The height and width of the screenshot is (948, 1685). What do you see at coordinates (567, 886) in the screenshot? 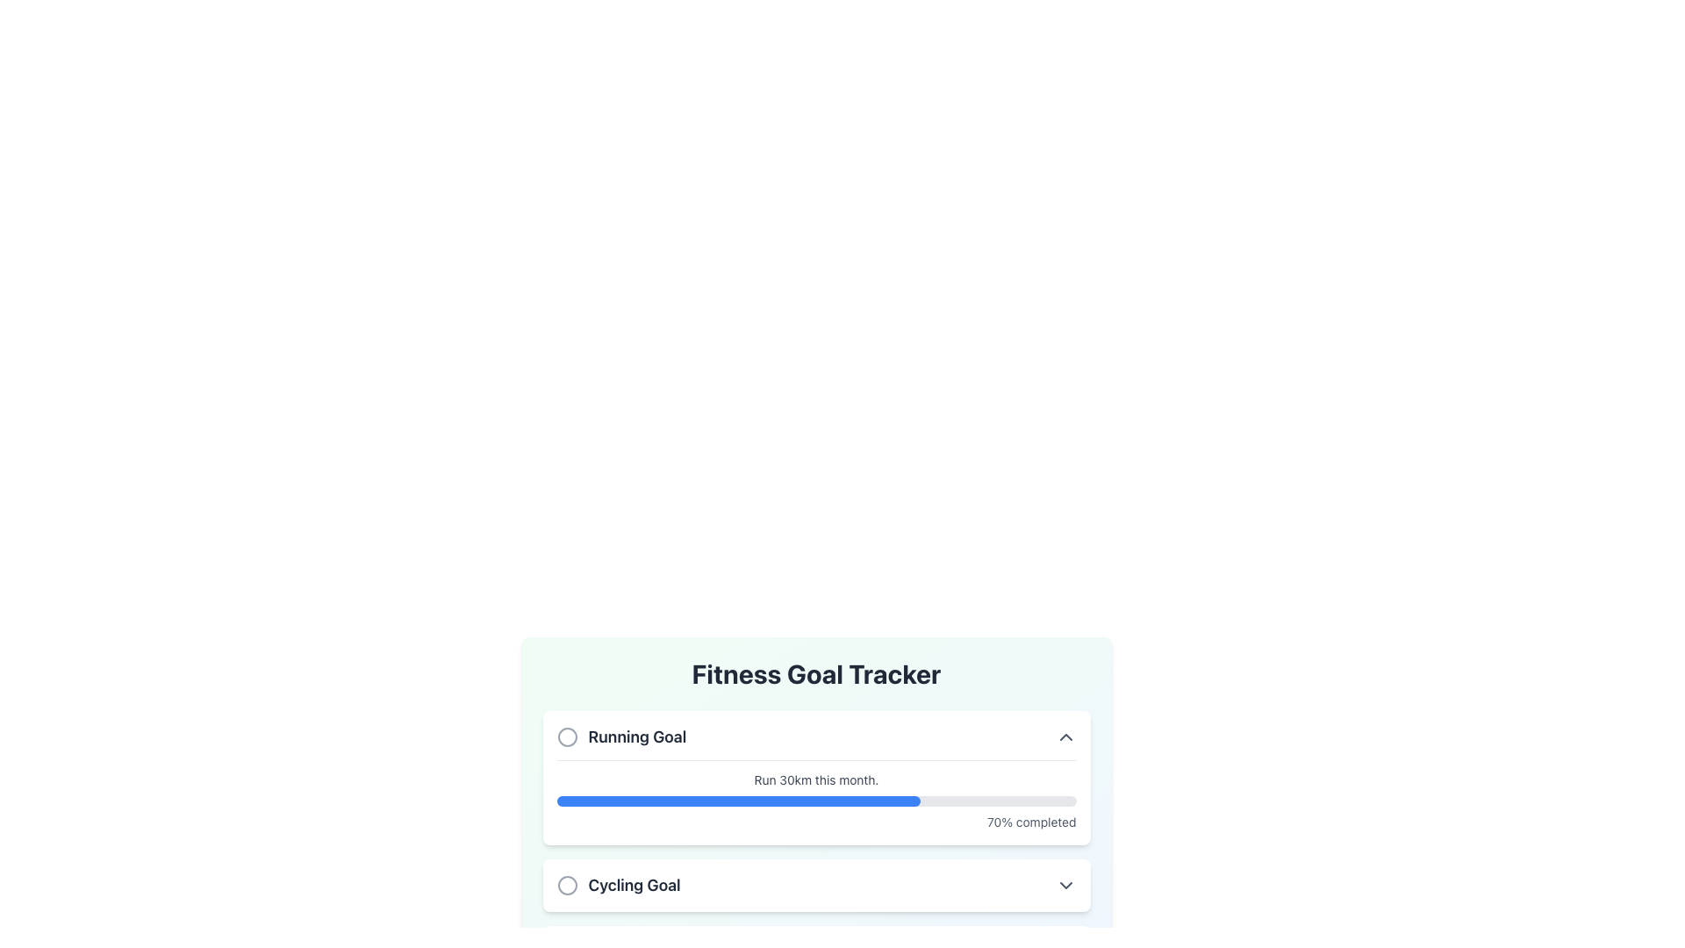
I see `the hollow circular icon with a gray stroke located beside the bold title text 'Cycling Goal'` at bounding box center [567, 886].